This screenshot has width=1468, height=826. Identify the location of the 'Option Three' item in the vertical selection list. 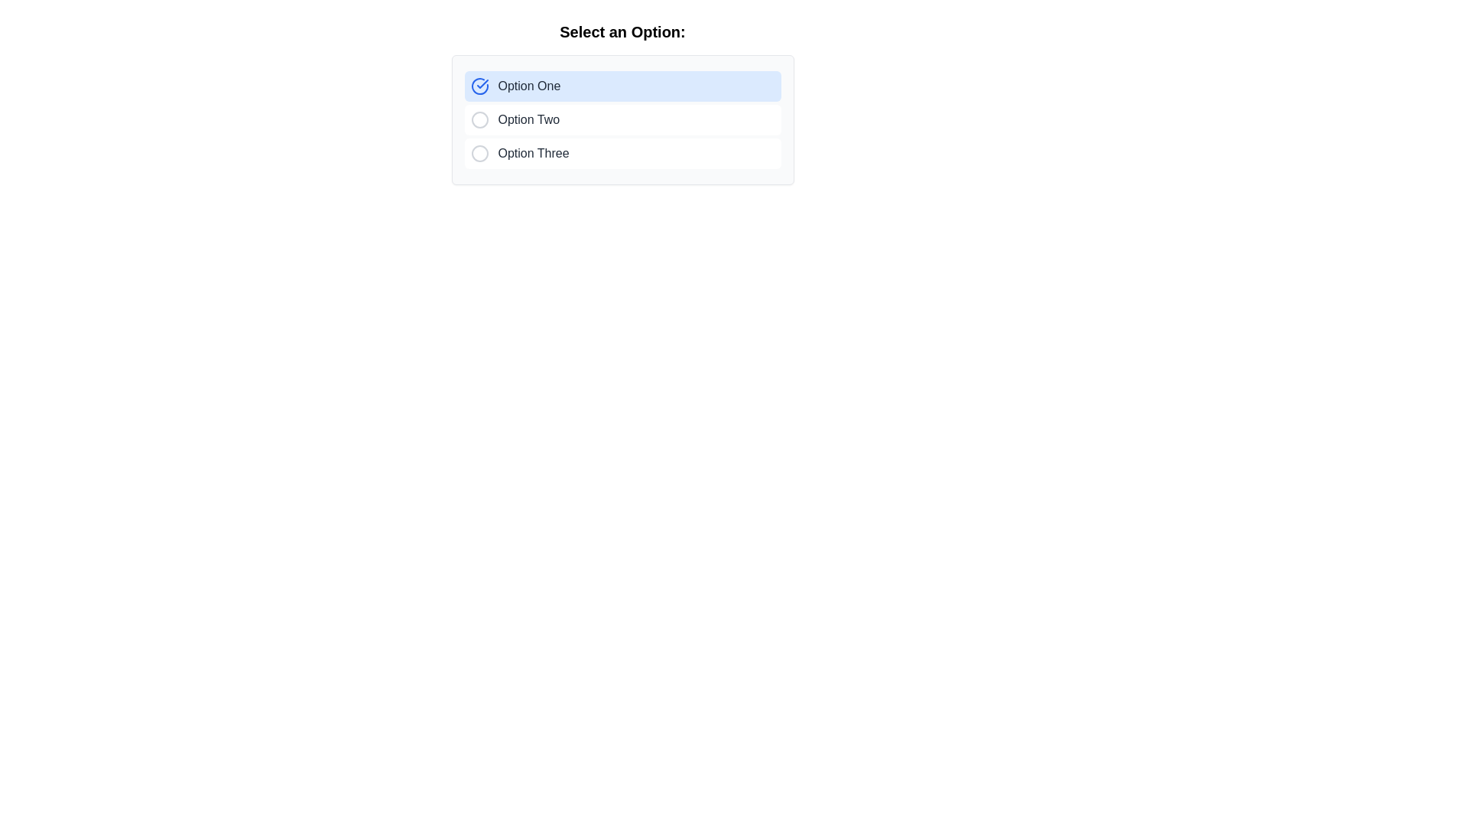
(622, 153).